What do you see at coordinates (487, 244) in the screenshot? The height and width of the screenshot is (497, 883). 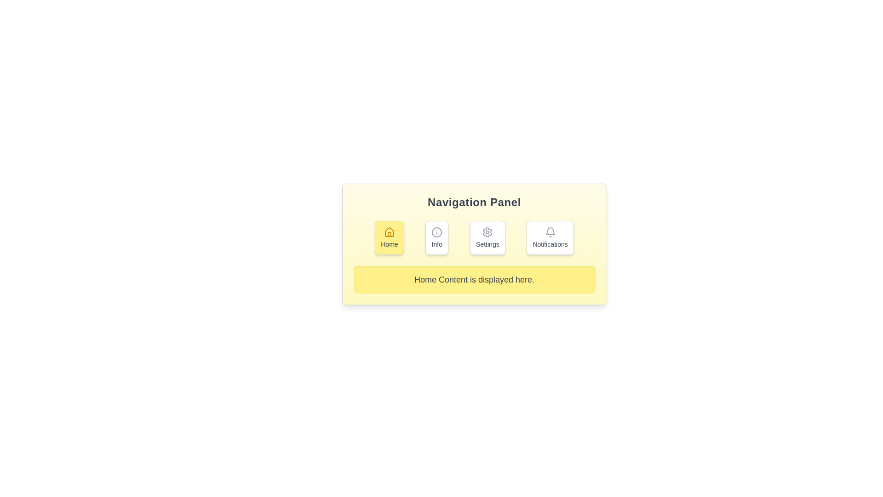 I see `the 'Settings' label text located within the third button of the horizontal button layout under the 'Navigation Panel'` at bounding box center [487, 244].